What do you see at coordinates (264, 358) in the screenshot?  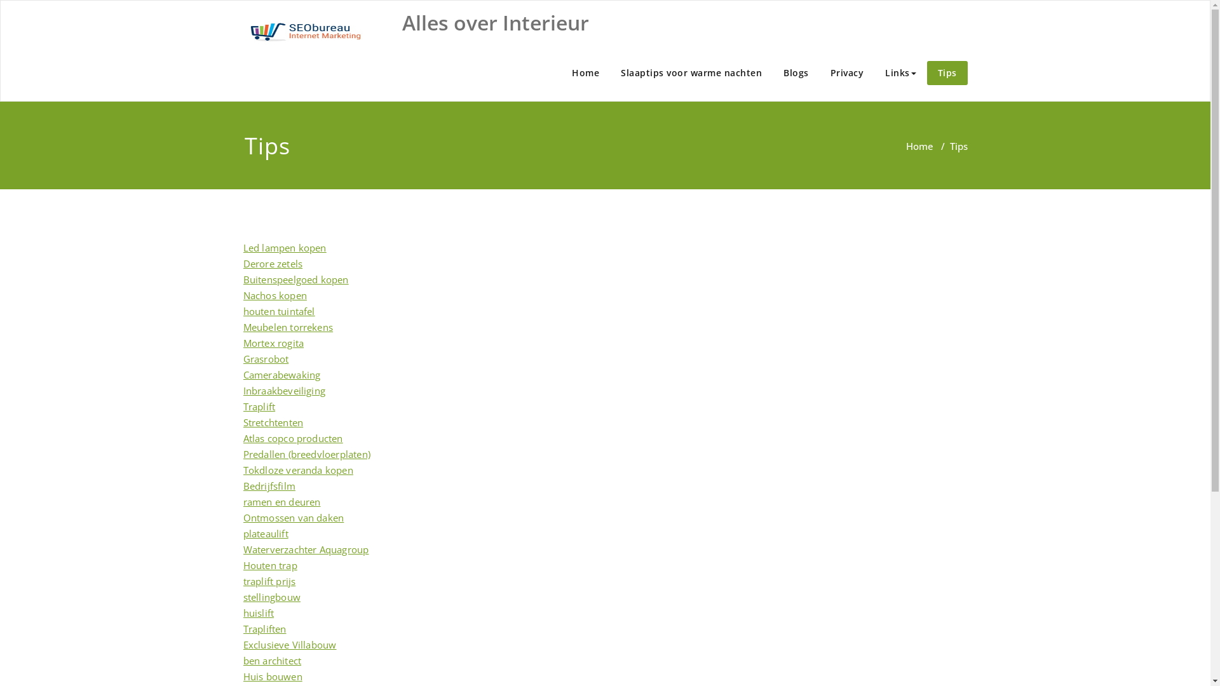 I see `'Grasrobot'` at bounding box center [264, 358].